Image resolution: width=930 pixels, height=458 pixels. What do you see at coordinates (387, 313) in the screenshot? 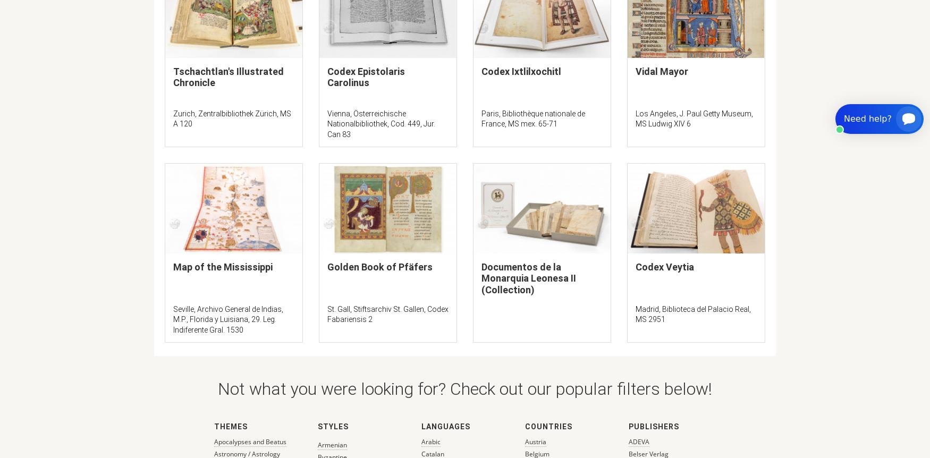
I see `'St. Gall, Stiftsarchiv St. Gallen, Codex Fabariensis 2'` at bounding box center [387, 313].